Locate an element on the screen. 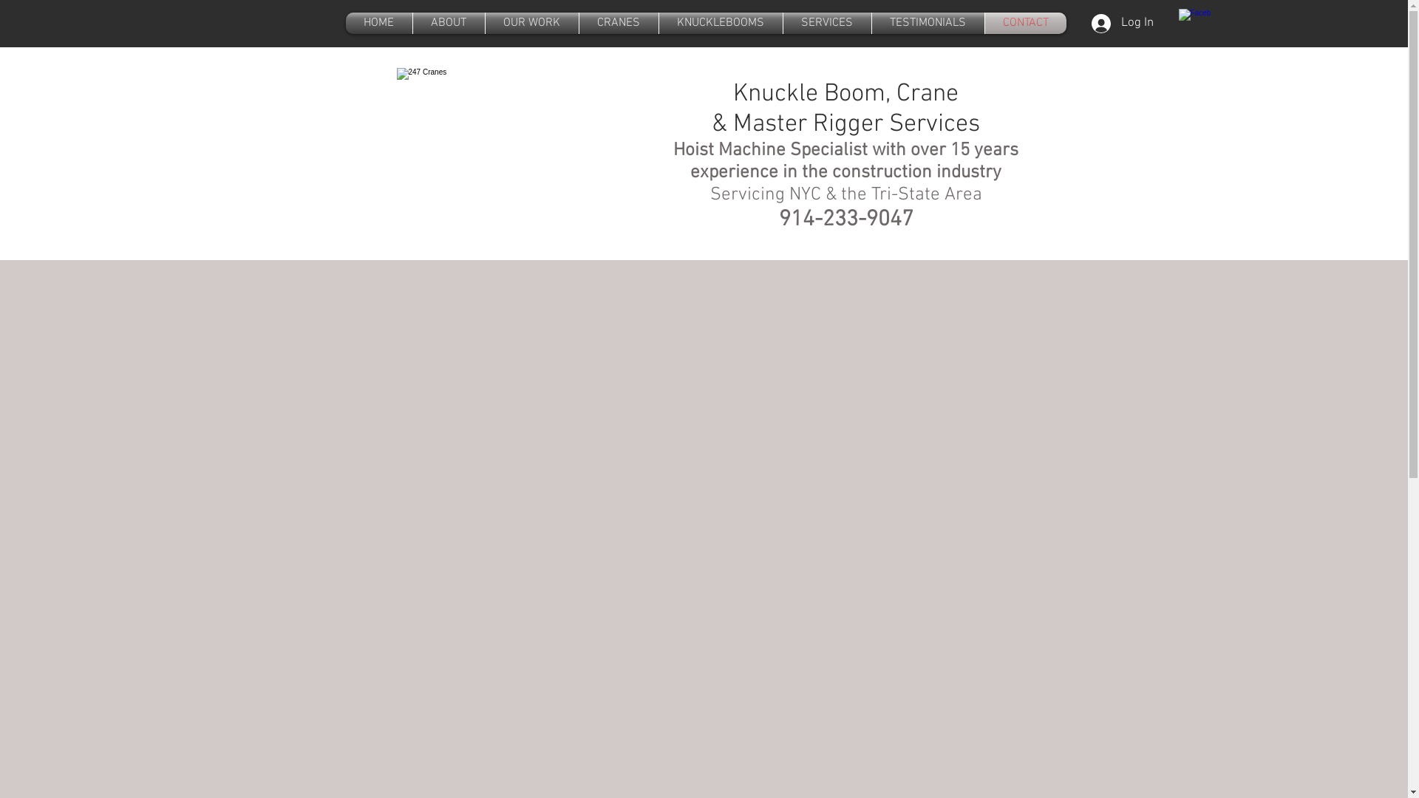  'TESTIMONIALS' is located at coordinates (928, 23).